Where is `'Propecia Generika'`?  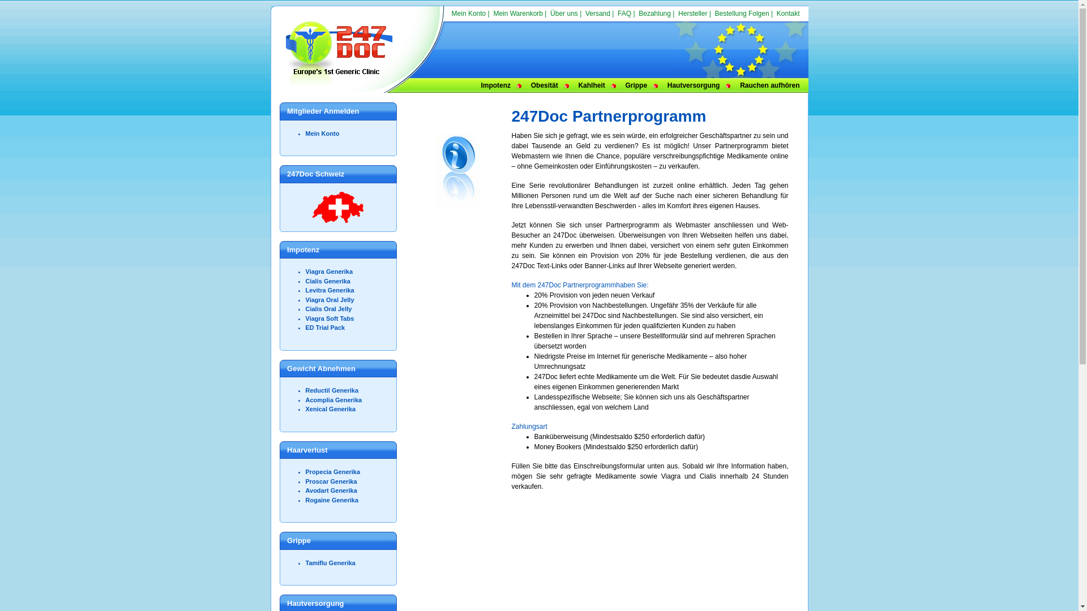
'Propecia Generika' is located at coordinates (332, 471).